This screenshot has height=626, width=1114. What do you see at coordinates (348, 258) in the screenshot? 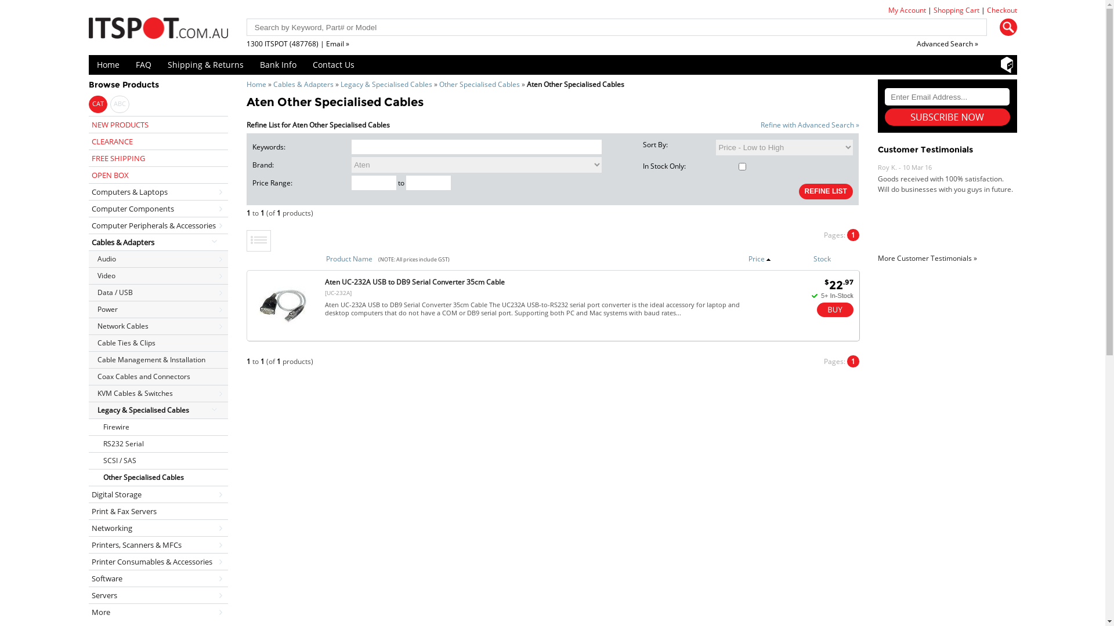
I see `'Product Name'` at bounding box center [348, 258].